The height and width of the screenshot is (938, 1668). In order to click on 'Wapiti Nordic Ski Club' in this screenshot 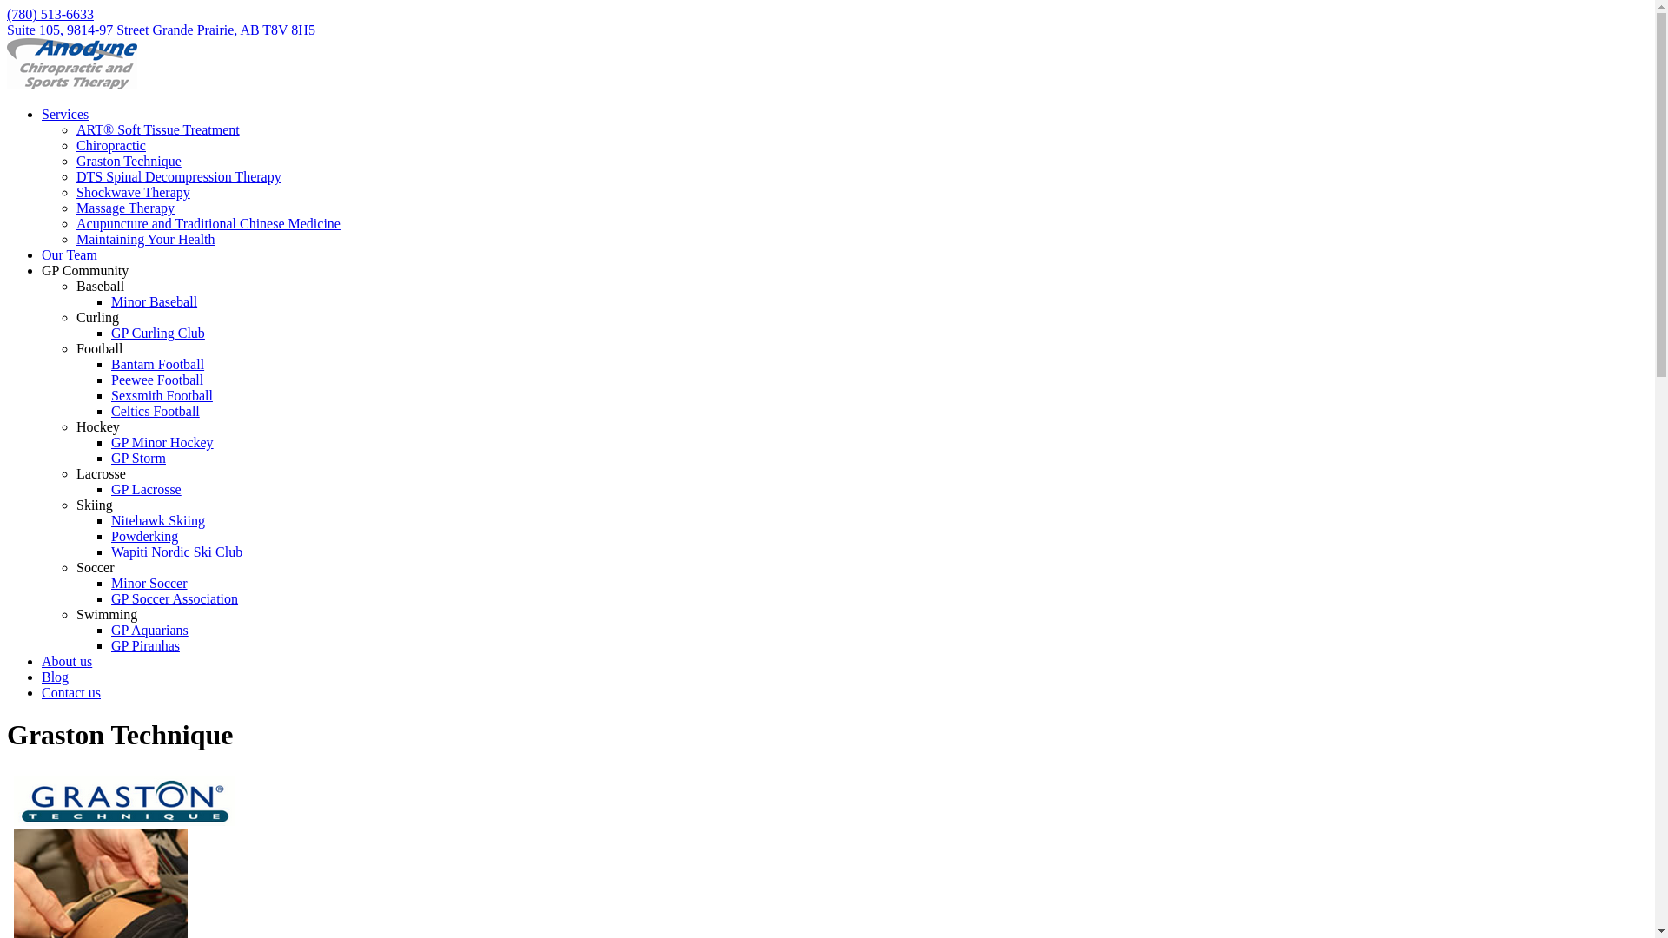, I will do `click(176, 552)`.